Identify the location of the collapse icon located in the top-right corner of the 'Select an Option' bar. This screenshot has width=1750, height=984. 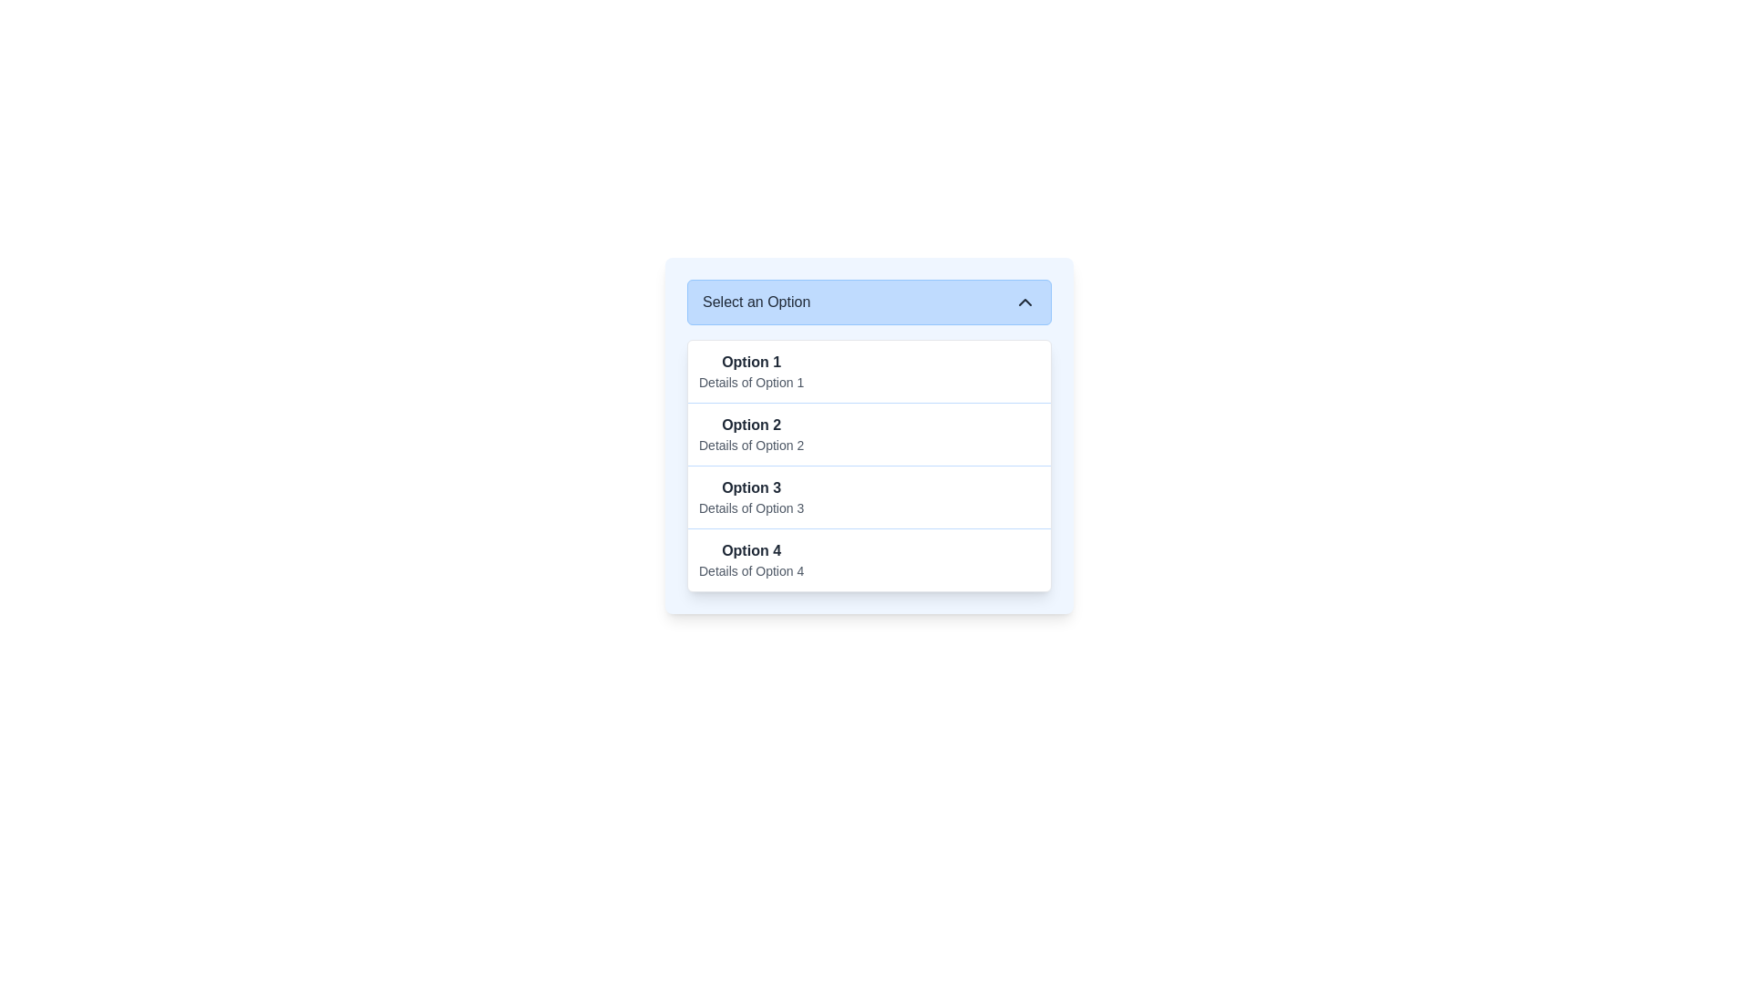
(1024, 301).